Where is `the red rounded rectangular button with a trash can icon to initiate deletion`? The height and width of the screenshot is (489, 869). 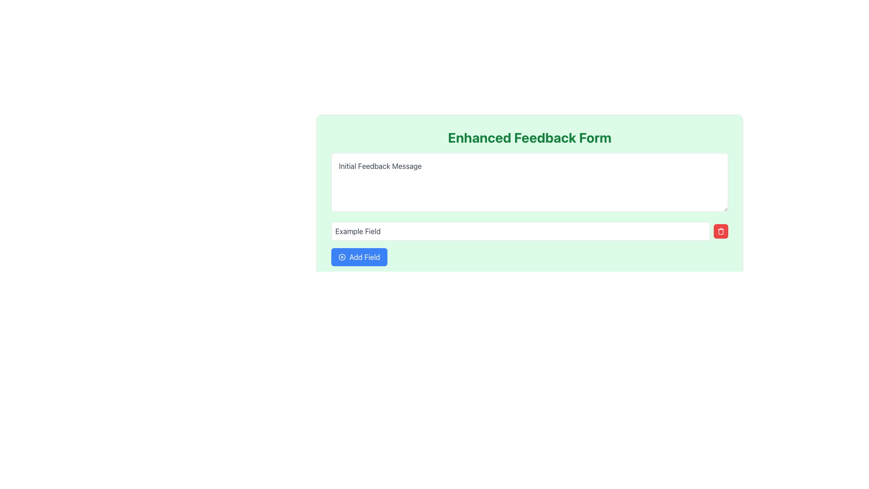
the red rounded rectangular button with a trash can icon to initiate deletion is located at coordinates (721, 230).